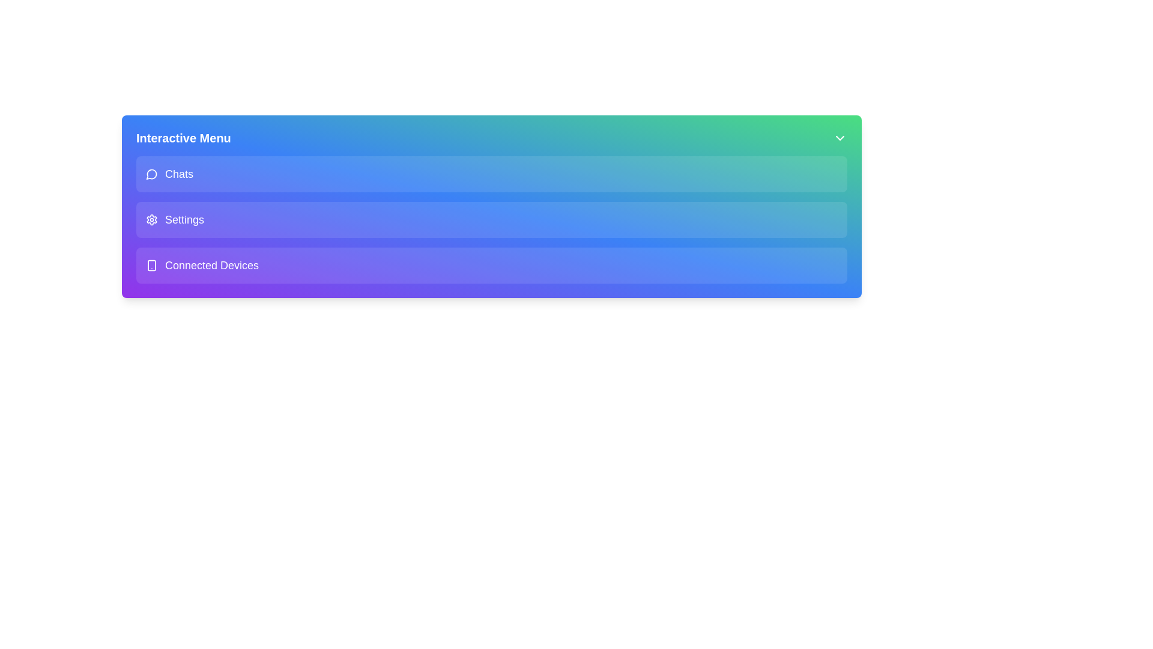 Image resolution: width=1153 pixels, height=649 pixels. What do you see at coordinates (492, 220) in the screenshot?
I see `the 'Settings' item in the menu` at bounding box center [492, 220].